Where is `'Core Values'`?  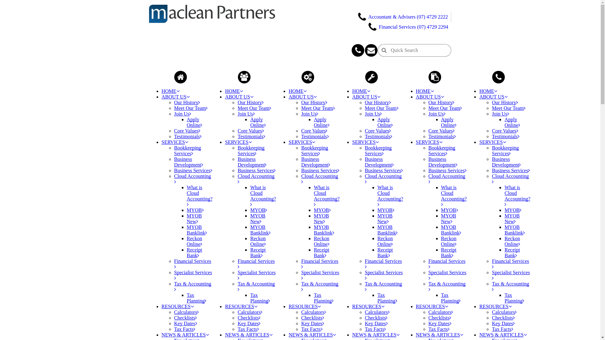 'Core Values' is located at coordinates (314, 130).